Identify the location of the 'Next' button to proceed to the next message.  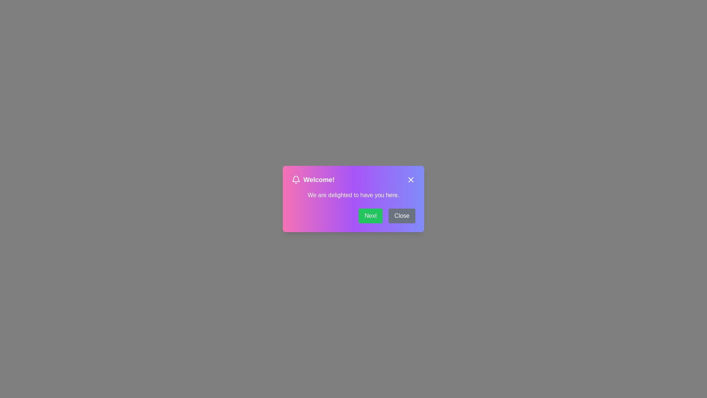
(370, 216).